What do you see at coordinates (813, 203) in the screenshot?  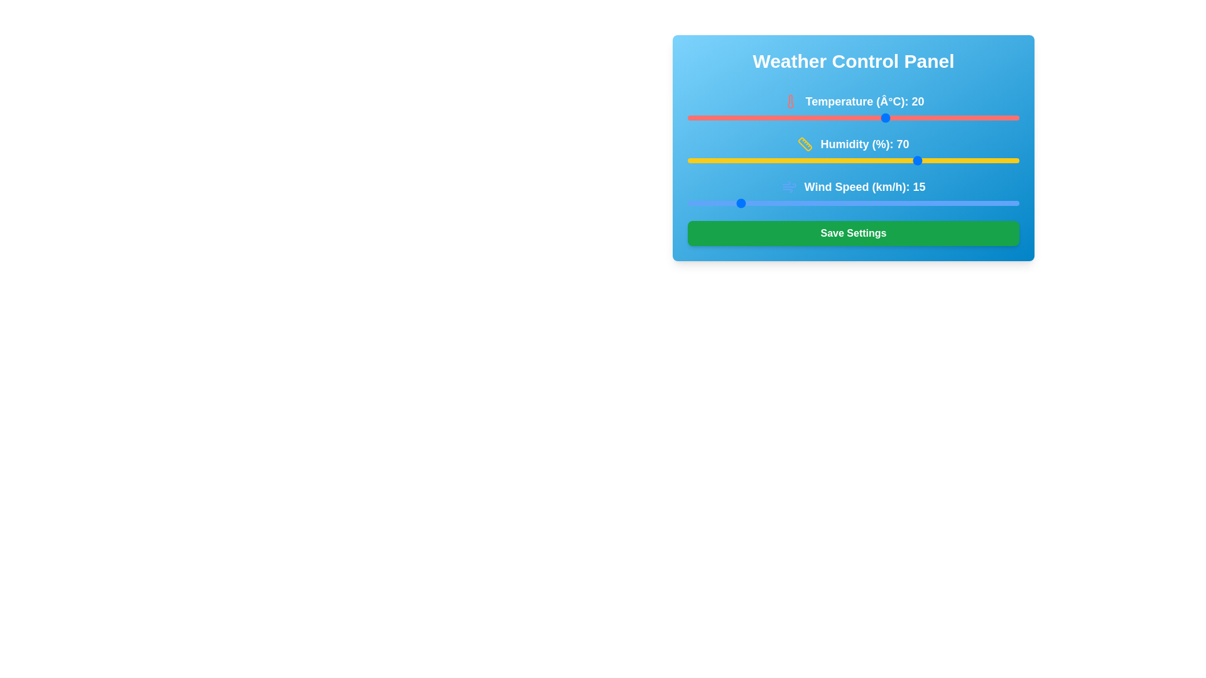 I see `wind speed` at bounding box center [813, 203].